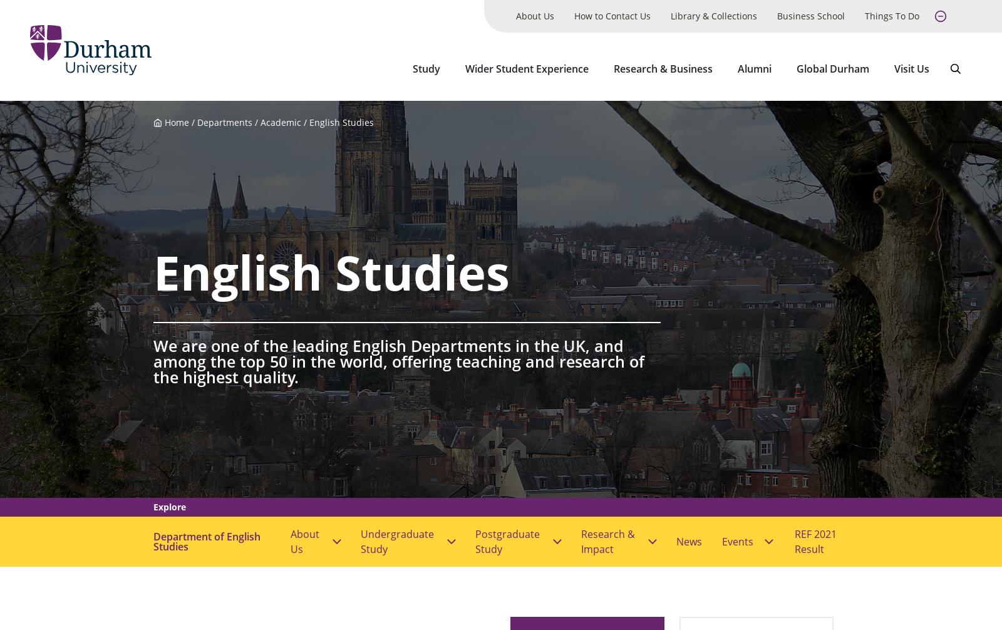 This screenshot has height=630, width=1002. Describe the element at coordinates (786, 133) in the screenshot. I see `'View all events'` at that location.